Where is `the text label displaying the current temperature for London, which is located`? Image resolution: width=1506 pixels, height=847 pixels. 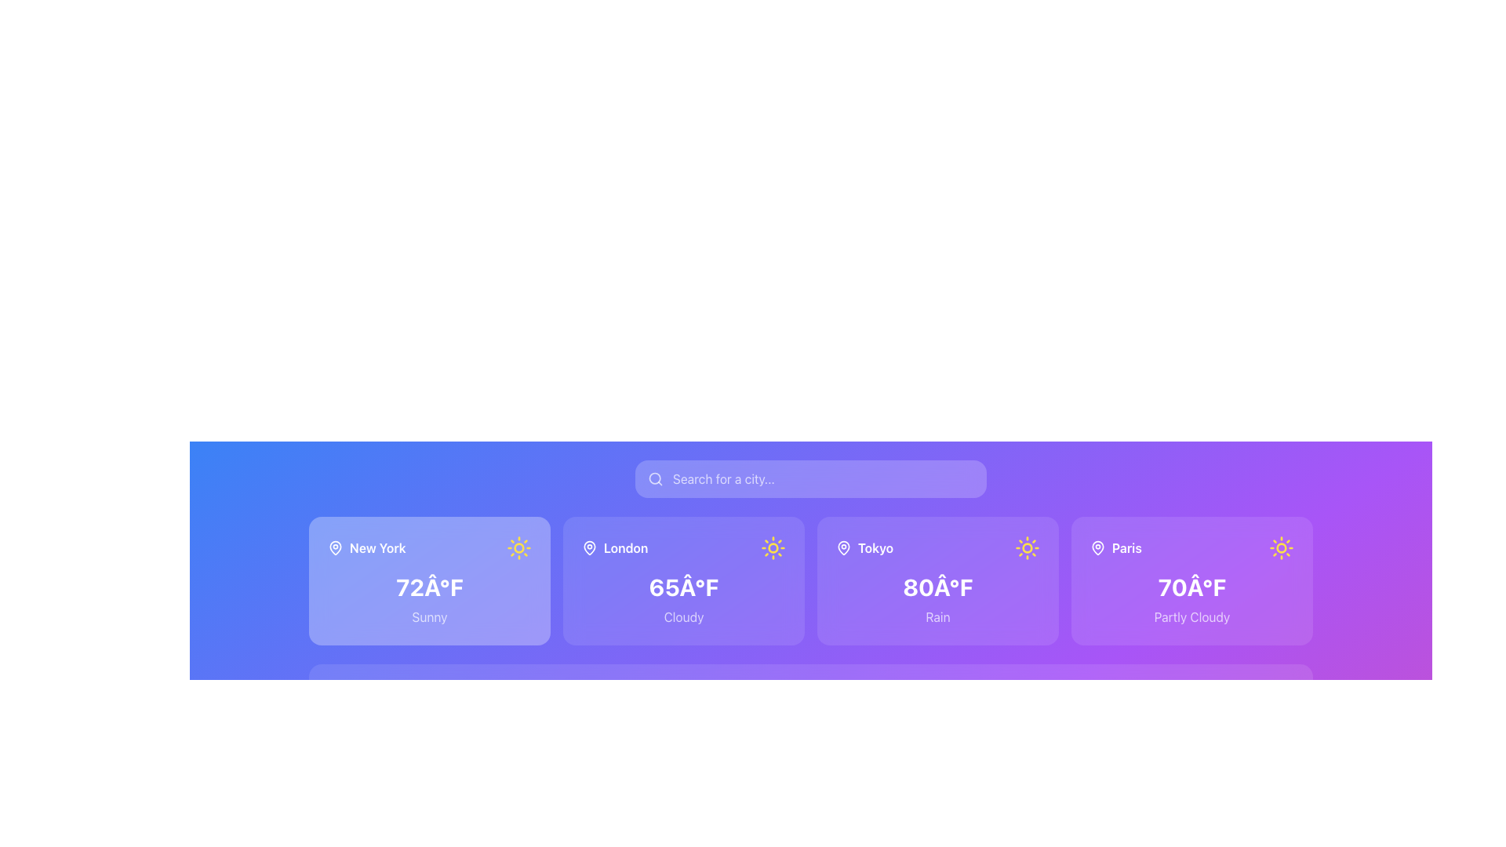
the text label displaying the current temperature for London, which is located is located at coordinates (684, 587).